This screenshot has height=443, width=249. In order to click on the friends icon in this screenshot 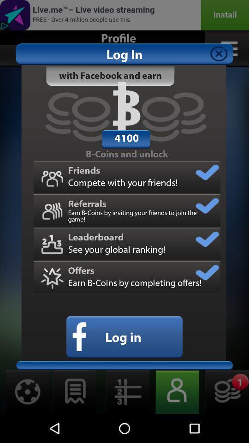, I will do `click(52, 177)`.